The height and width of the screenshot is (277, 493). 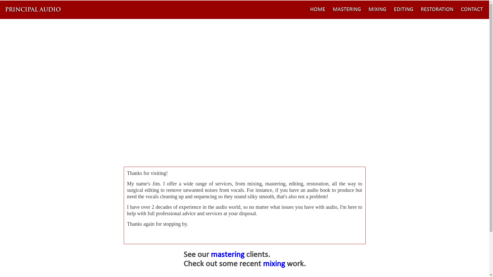 What do you see at coordinates (437, 9) in the screenshot?
I see `'RESTORATION'` at bounding box center [437, 9].